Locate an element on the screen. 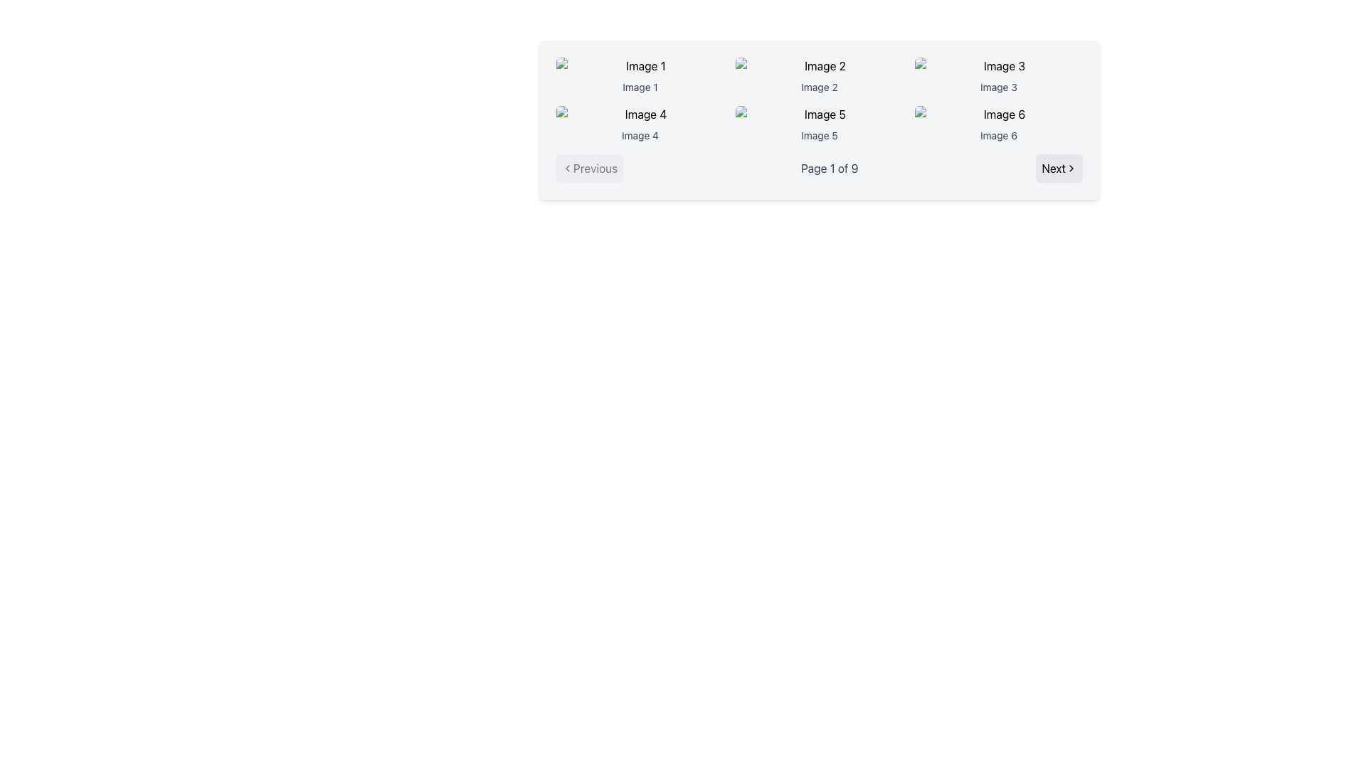 This screenshot has height=768, width=1366. the placeholder image for 'Image 5' located in the second row, third column of the gallery layout is located at coordinates (820, 114).